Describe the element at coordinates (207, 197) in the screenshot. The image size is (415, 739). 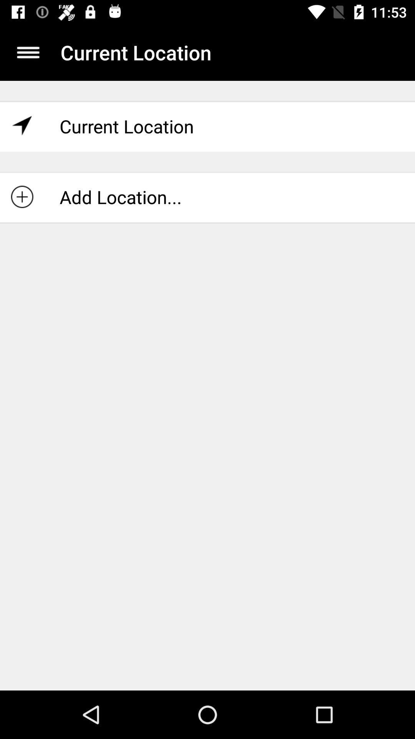
I see `add location... icon` at that location.